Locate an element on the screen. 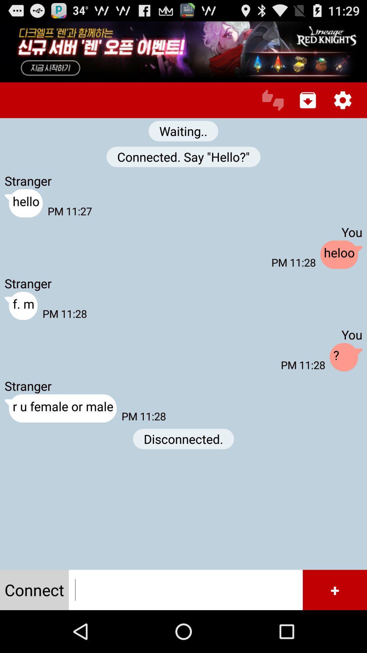 The width and height of the screenshot is (367, 653). the arrow_downward icon is located at coordinates (308, 107).